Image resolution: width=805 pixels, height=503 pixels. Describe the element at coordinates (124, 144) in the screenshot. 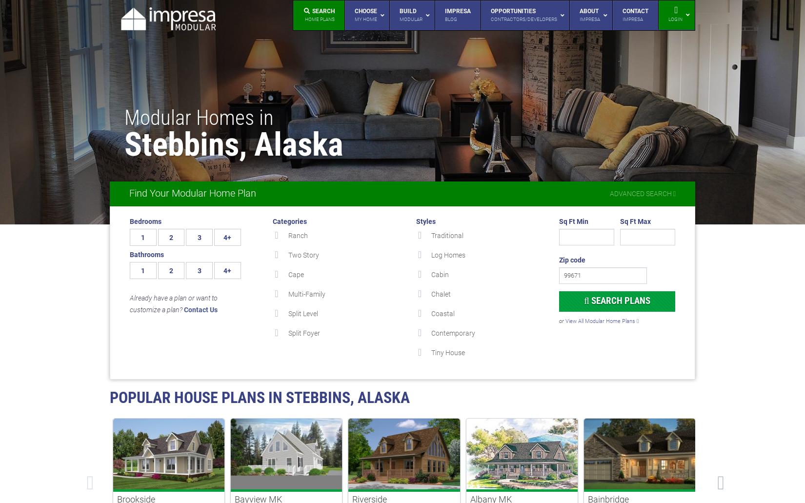

I see `'Stebbins, Alaska'` at that location.